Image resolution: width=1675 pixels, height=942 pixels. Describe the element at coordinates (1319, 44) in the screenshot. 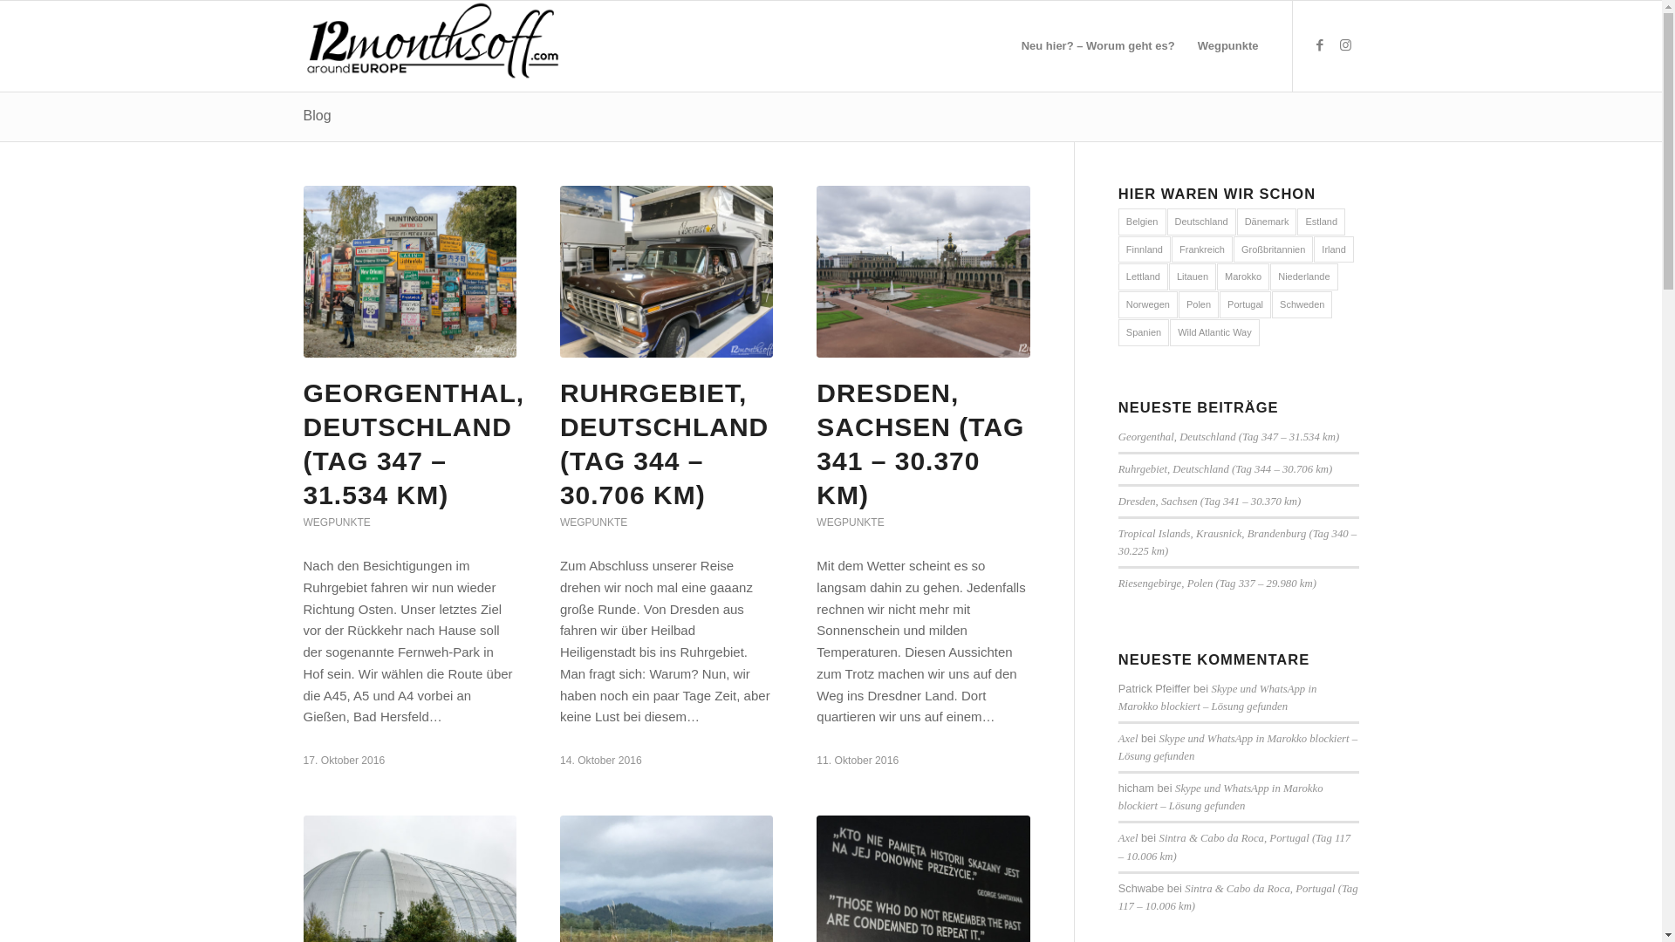

I see `'Facebook'` at that location.